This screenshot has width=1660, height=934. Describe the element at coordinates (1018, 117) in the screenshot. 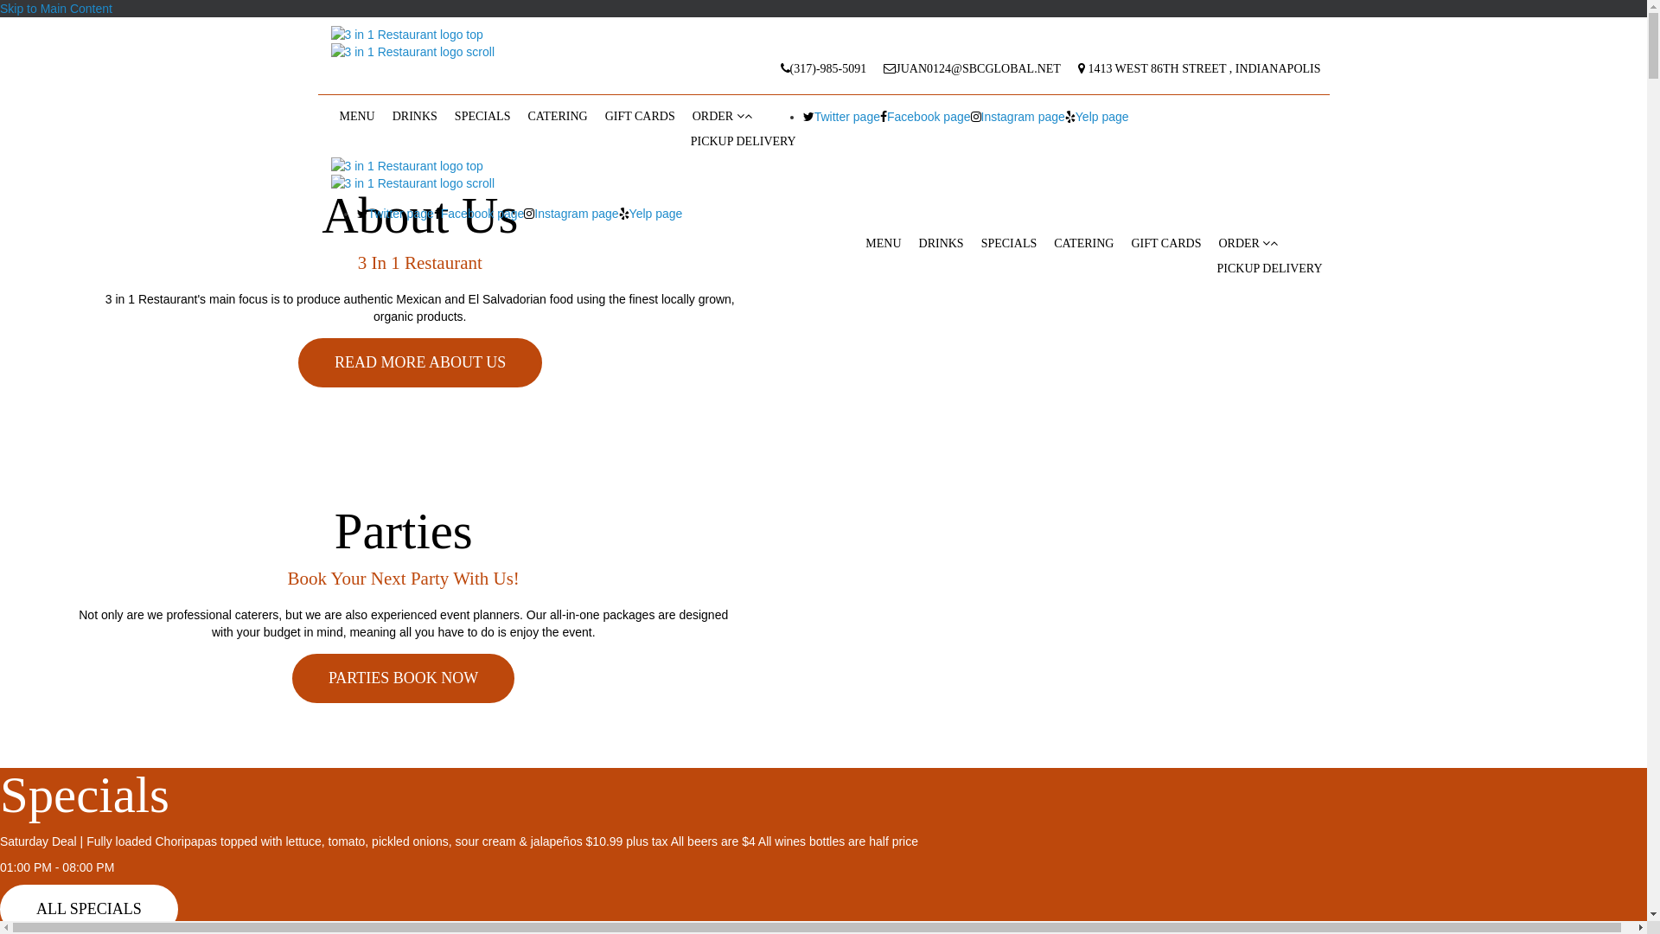

I see `'Instagram page'` at that location.